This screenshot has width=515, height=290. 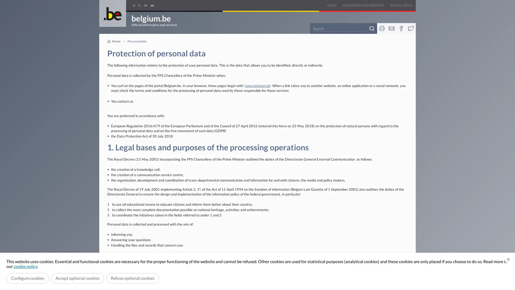 I want to click on Close, so click(x=508, y=259).